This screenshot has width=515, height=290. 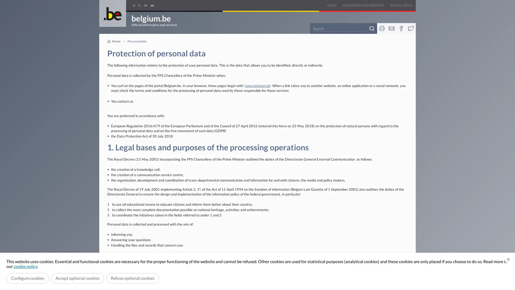 I want to click on Close, so click(x=508, y=259).